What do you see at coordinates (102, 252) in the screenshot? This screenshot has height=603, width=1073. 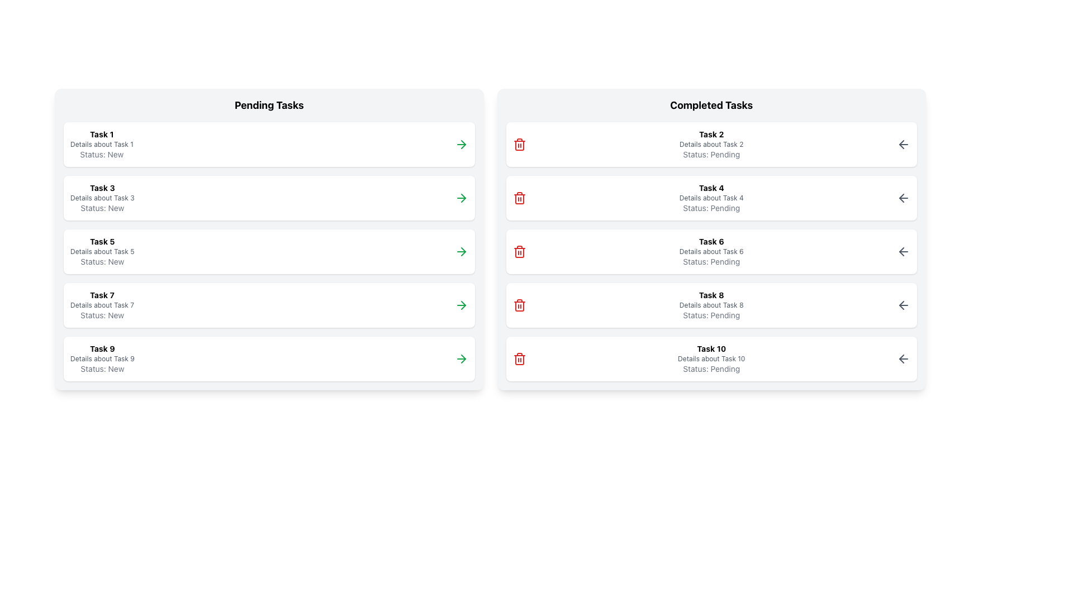 I see `the text label providing additional descriptive information about 'Task 5', located in the information card under the 'Pending Tasks' column` at bounding box center [102, 252].